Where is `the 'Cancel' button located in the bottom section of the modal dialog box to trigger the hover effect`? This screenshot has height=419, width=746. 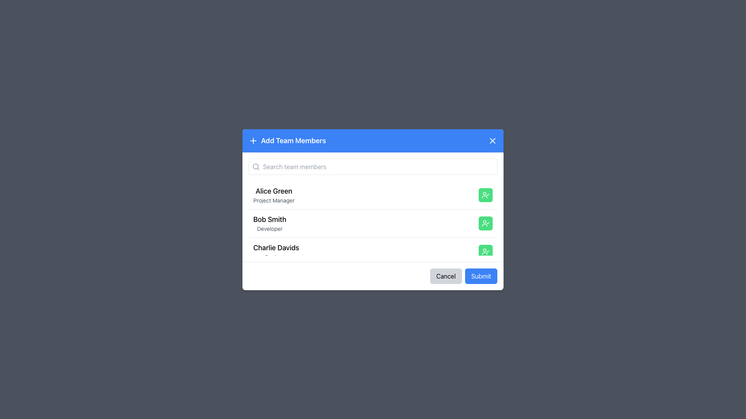
the 'Cancel' button located in the bottom section of the modal dialog box to trigger the hover effect is located at coordinates (446, 275).